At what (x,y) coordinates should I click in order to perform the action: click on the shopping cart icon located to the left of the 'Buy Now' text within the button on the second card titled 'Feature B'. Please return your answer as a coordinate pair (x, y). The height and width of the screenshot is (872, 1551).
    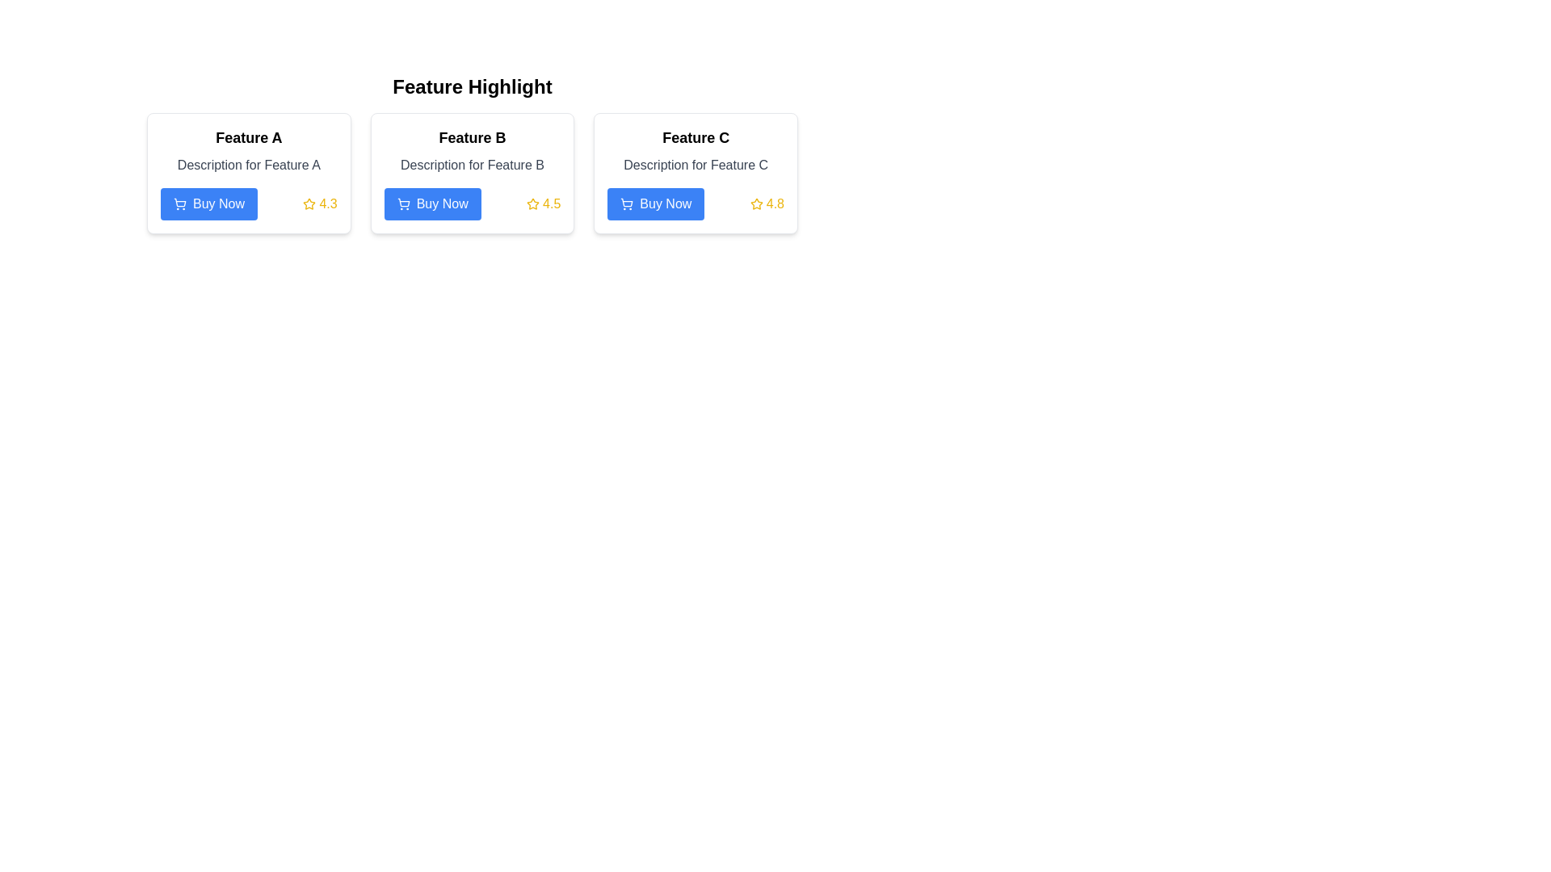
    Looking at the image, I should click on (403, 201).